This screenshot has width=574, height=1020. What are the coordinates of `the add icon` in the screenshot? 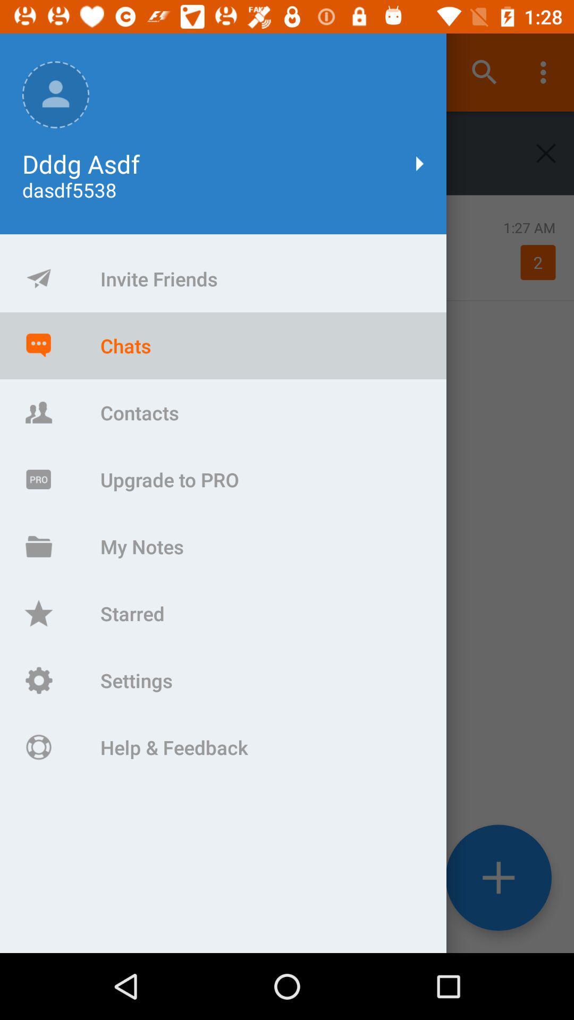 It's located at (499, 878).